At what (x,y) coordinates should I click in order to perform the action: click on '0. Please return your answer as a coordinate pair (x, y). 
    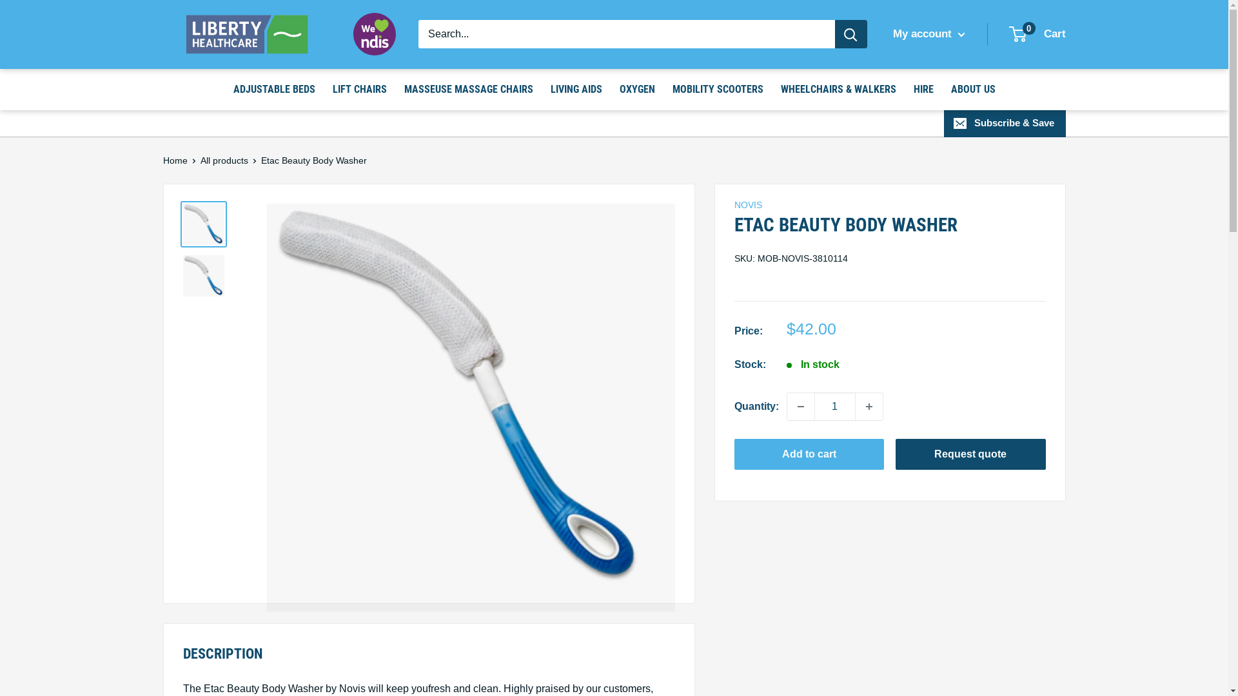
    Looking at the image, I should click on (1037, 34).